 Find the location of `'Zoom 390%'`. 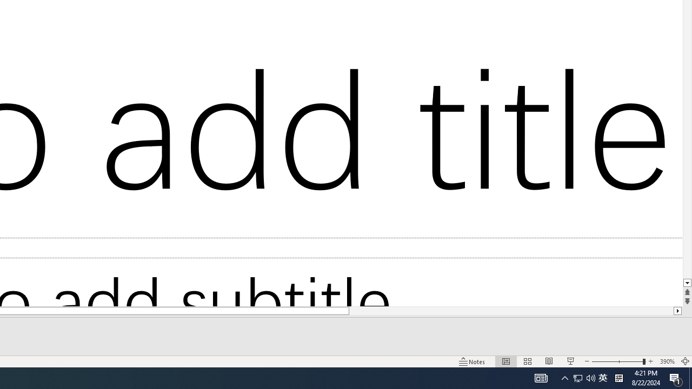

'Zoom 390%' is located at coordinates (667, 361).